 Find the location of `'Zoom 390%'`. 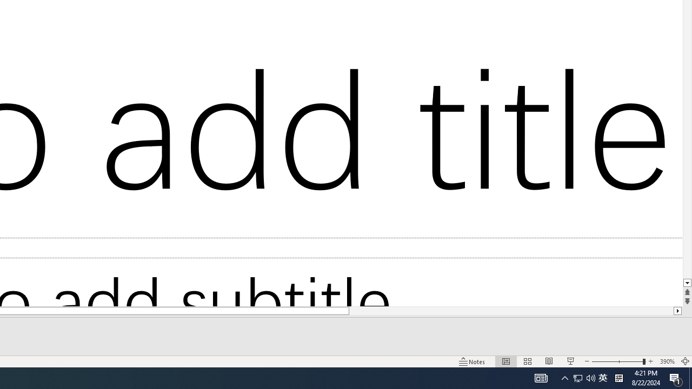

'Zoom 390%' is located at coordinates (667, 361).